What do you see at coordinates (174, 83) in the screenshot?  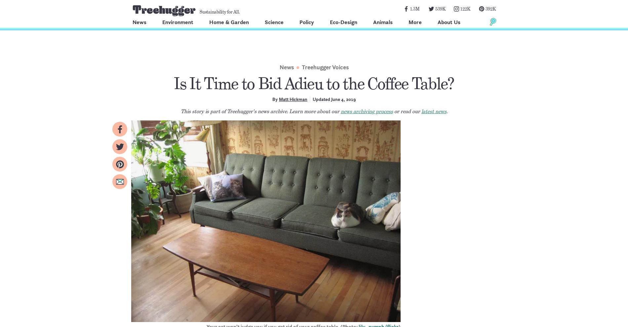 I see `'Is It Time to Bid Adieu to the Coffee Table?'` at bounding box center [174, 83].